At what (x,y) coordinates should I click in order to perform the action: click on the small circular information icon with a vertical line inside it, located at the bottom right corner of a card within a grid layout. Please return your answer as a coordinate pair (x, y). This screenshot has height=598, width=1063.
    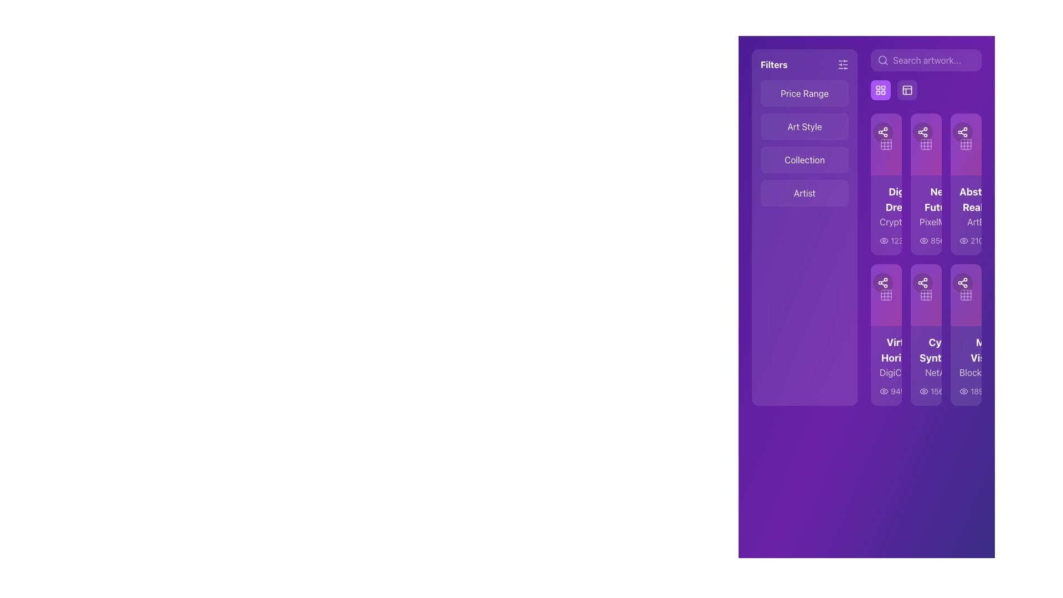
    Looking at the image, I should click on (976, 390).